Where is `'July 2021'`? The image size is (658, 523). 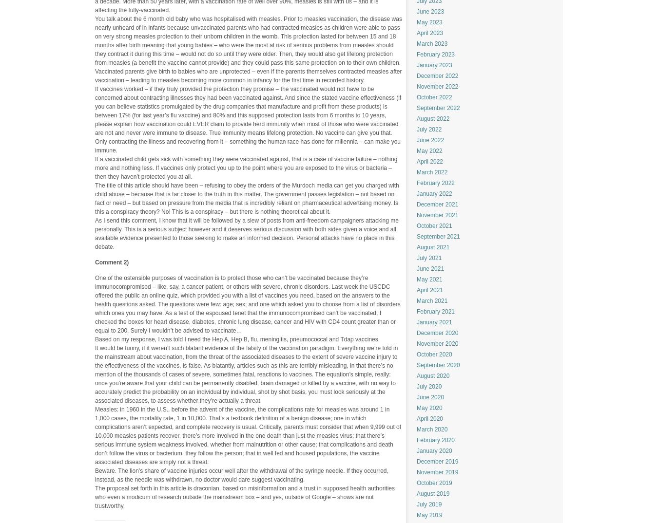 'July 2021' is located at coordinates (429, 258).